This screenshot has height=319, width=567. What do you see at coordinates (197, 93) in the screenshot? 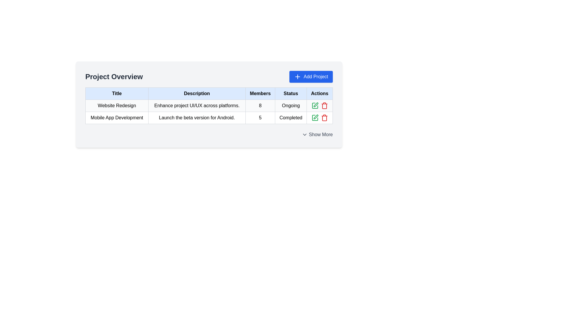
I see `the header cell labeled 'Description' in the table located in the 'Project Overview' section, which has a light blue background and gray outline` at bounding box center [197, 93].